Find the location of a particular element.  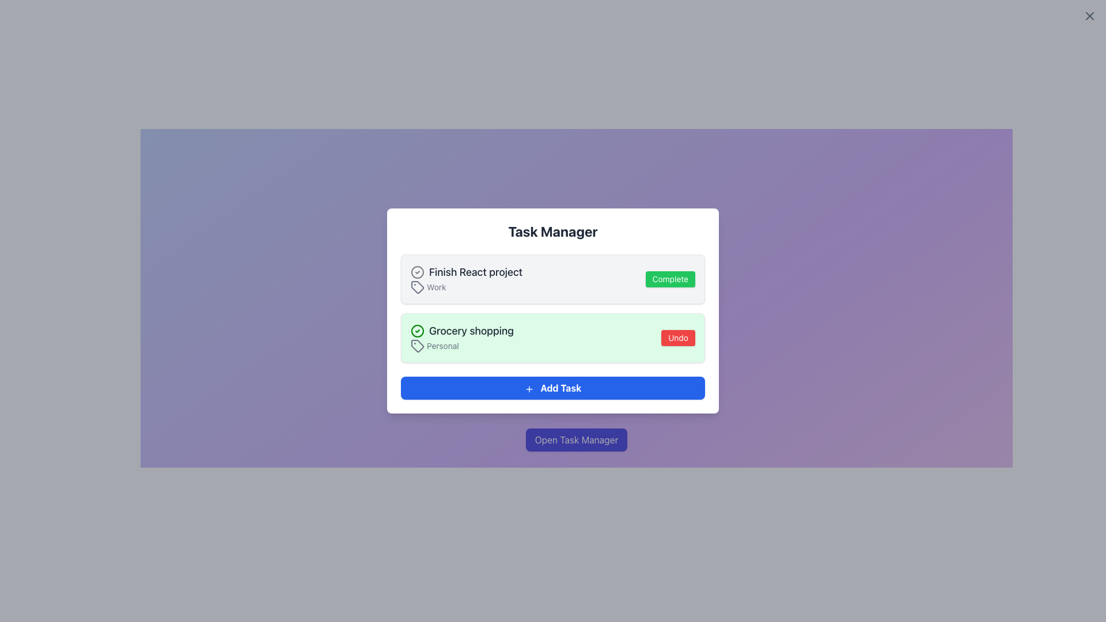

the task entry titled 'Finish React project' is located at coordinates (467, 279).